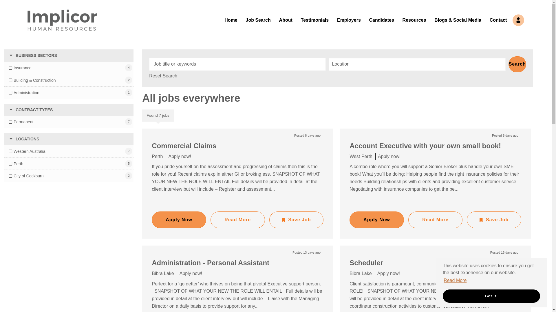  What do you see at coordinates (258, 20) in the screenshot?
I see `'Job Search'` at bounding box center [258, 20].